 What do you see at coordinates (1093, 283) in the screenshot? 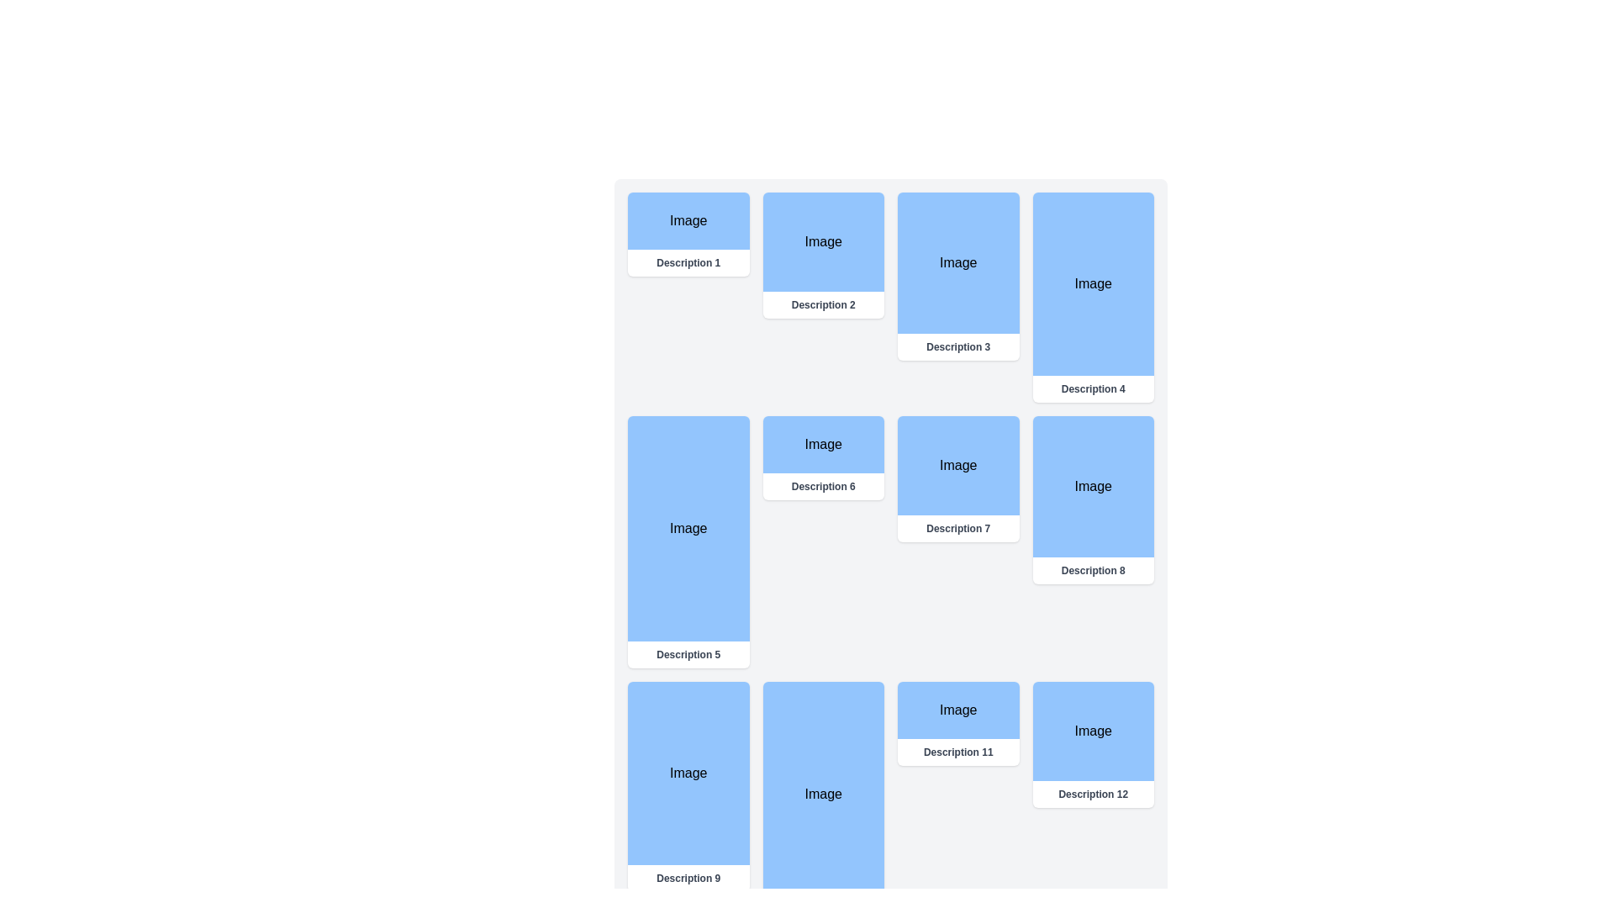
I see `the image placeholder element labeled 'Image' located in the fourth card of the top section of the interface, above the text label 'Description 4'` at bounding box center [1093, 283].